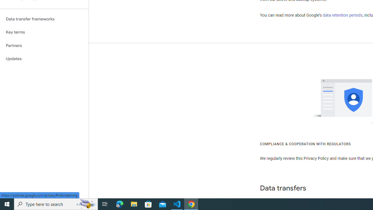  Describe the element at coordinates (44, 19) in the screenshot. I see `'Data transfer frameworks'` at that location.